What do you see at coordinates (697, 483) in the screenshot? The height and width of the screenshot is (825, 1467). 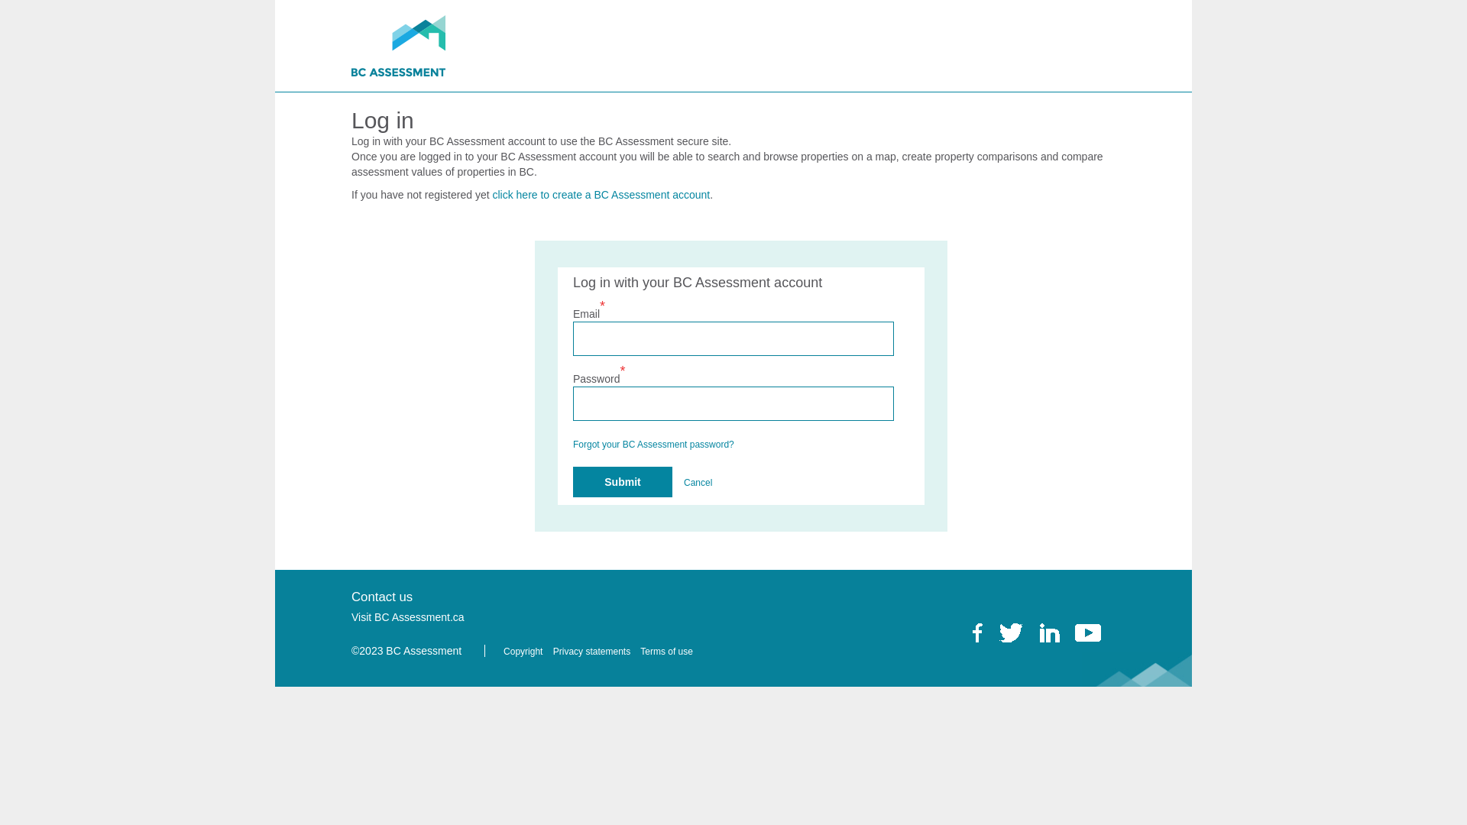 I see `'Cancel'` at bounding box center [697, 483].